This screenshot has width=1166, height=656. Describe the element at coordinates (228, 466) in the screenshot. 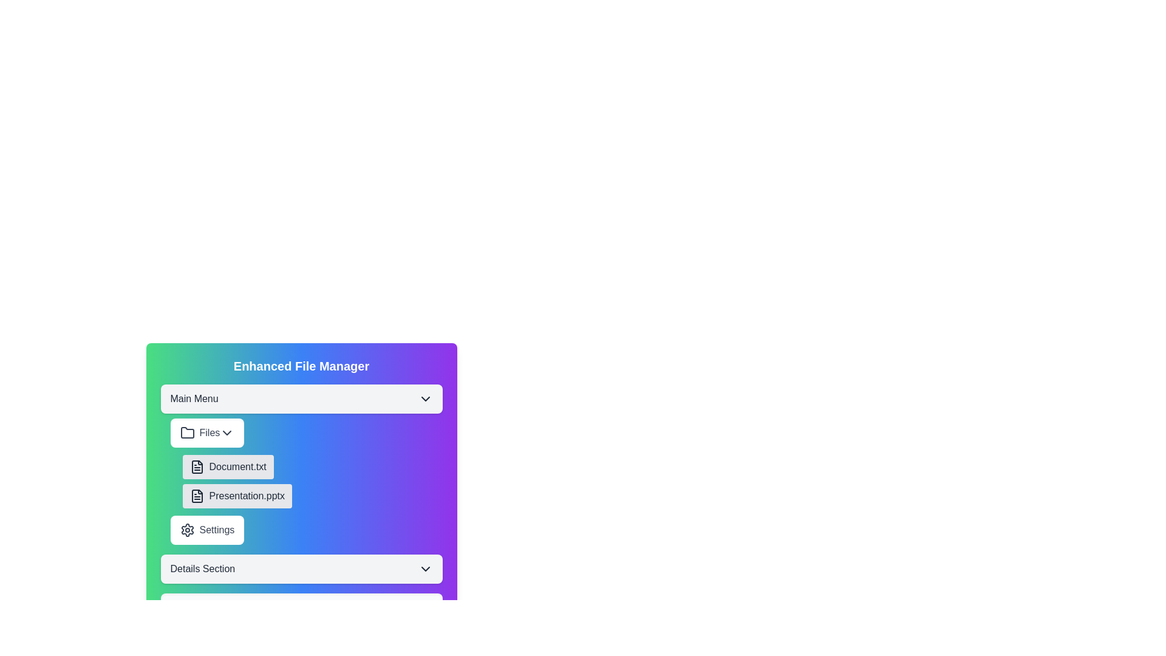

I see `the 'Document.txt' button, which is a rectangular button with a light gray background and a document icon` at that location.